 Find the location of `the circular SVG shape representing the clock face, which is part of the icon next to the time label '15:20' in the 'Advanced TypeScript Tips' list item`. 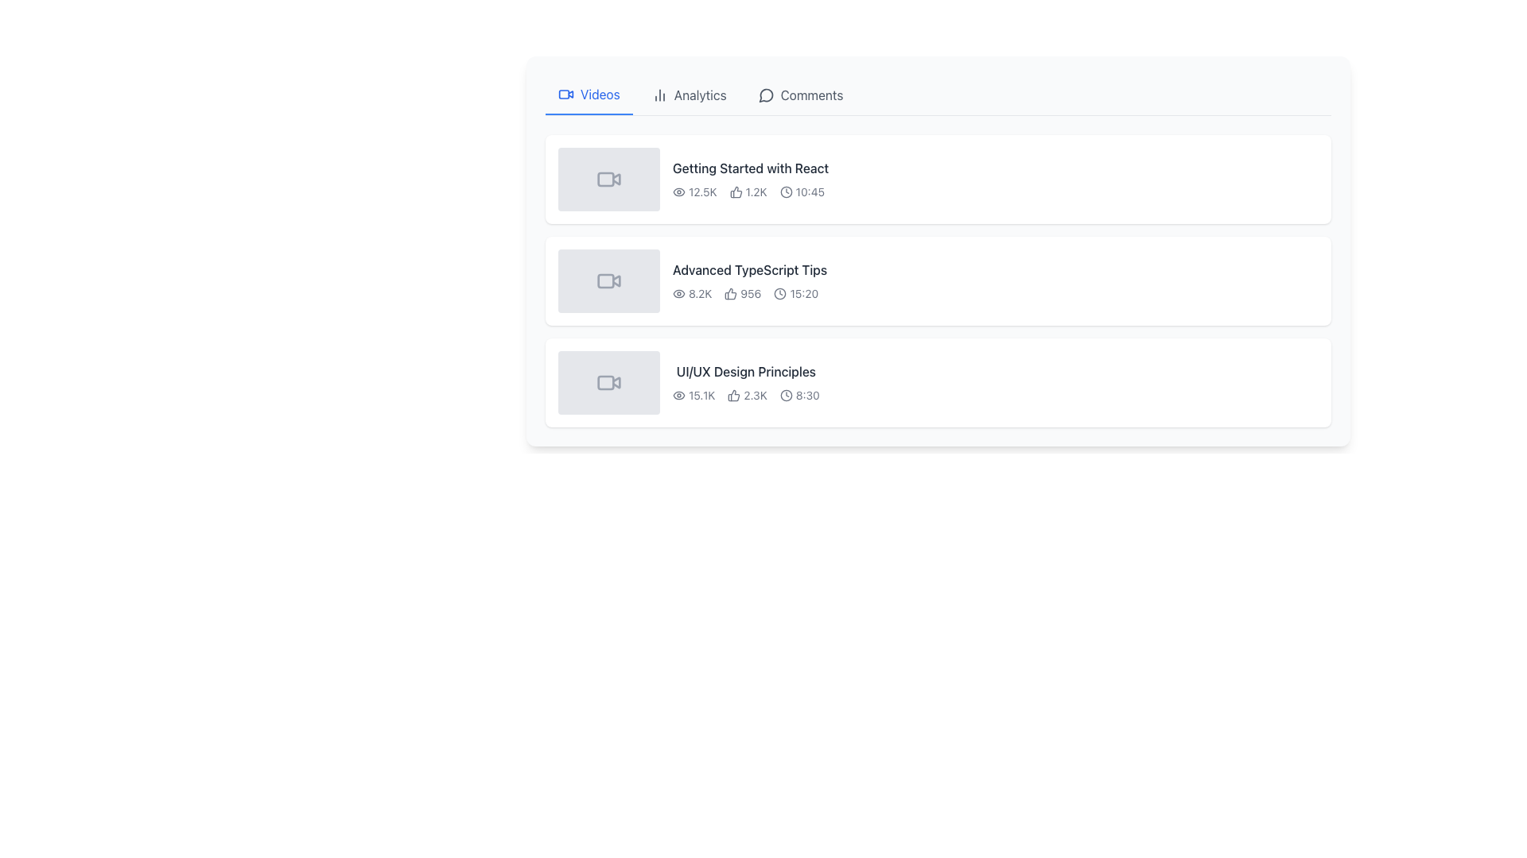

the circular SVG shape representing the clock face, which is part of the icon next to the time label '15:20' in the 'Advanced TypeScript Tips' list item is located at coordinates (780, 294).